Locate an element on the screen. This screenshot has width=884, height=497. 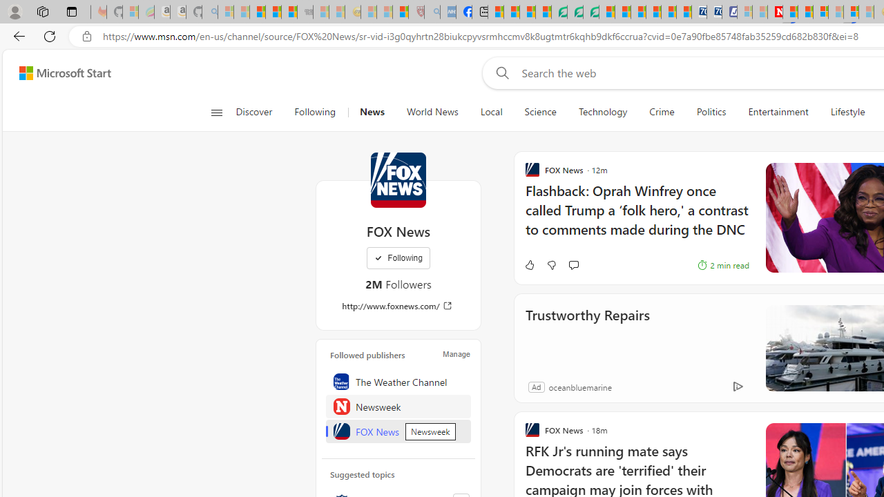
'LendingTree - Compare Lenders' is located at coordinates (559, 12).